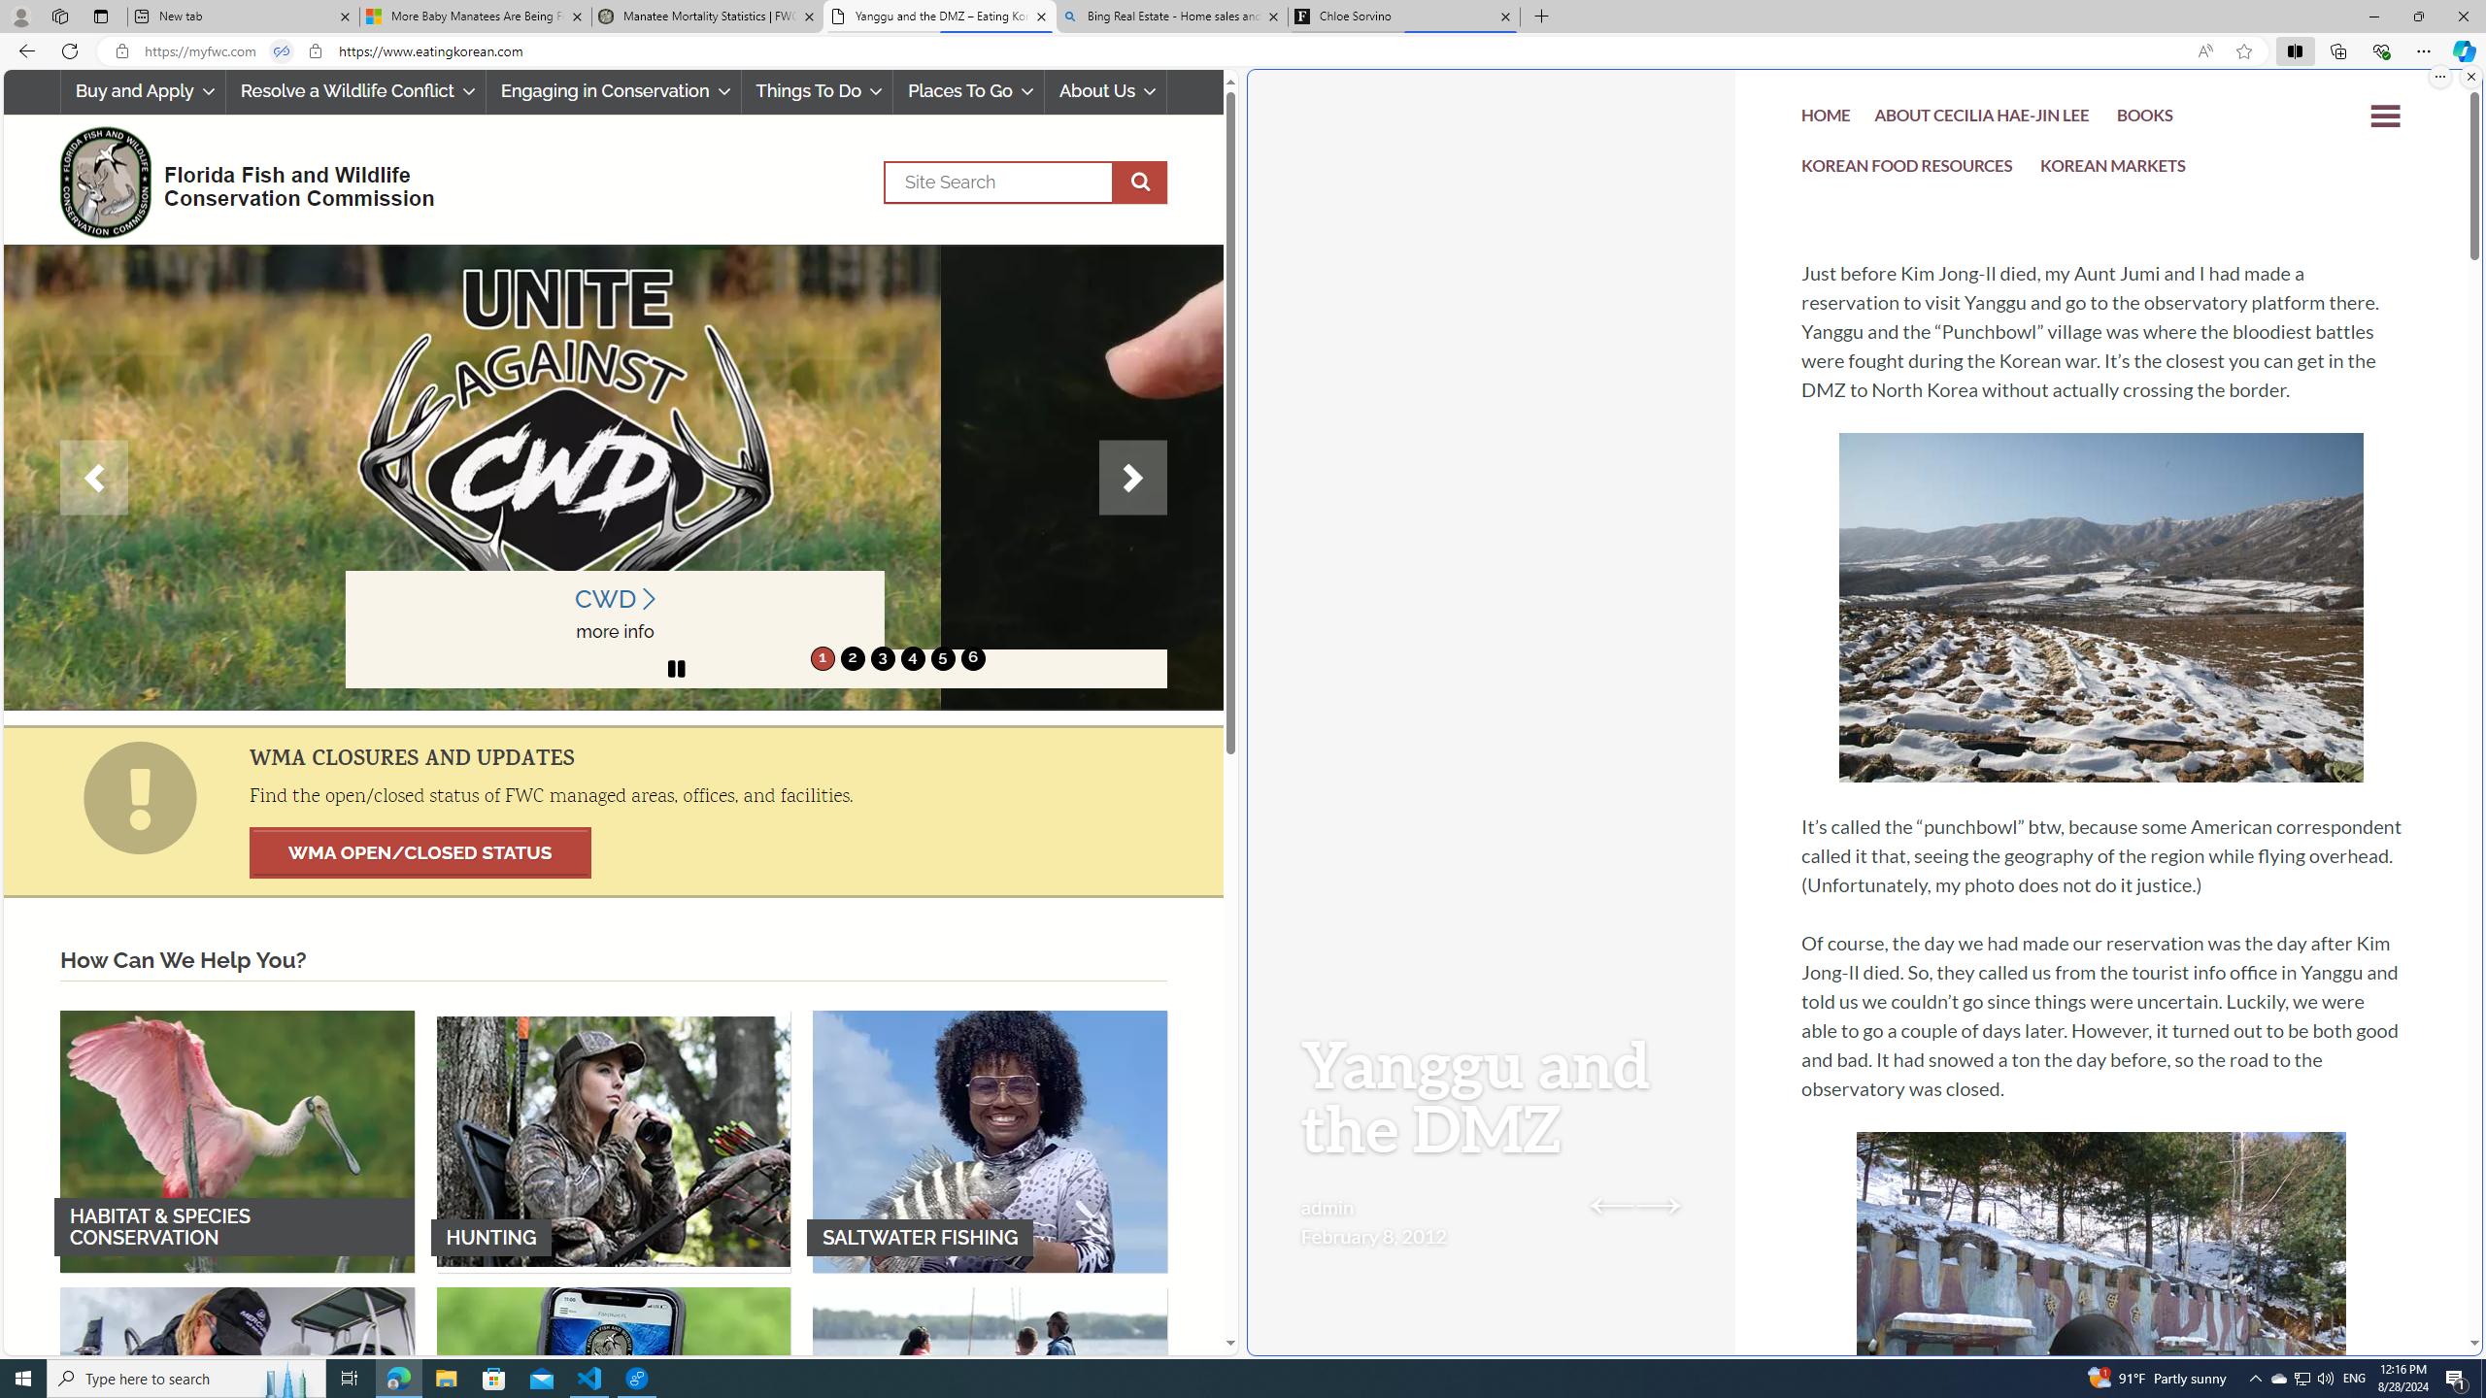 This screenshot has height=1398, width=2486. What do you see at coordinates (613, 1141) in the screenshot?
I see `'HUNTING'` at bounding box center [613, 1141].